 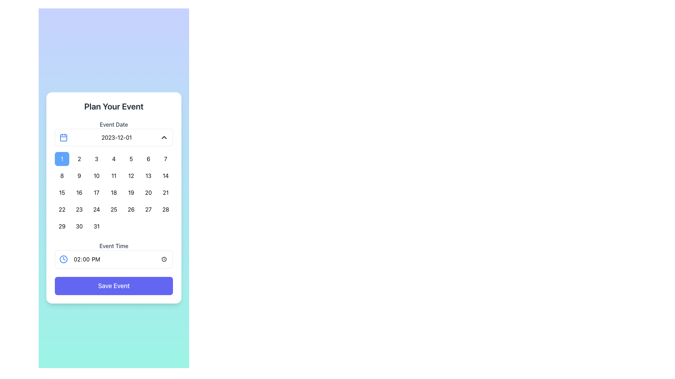 I want to click on the button displaying the number '11' in the calendar grid, so click(x=114, y=175).